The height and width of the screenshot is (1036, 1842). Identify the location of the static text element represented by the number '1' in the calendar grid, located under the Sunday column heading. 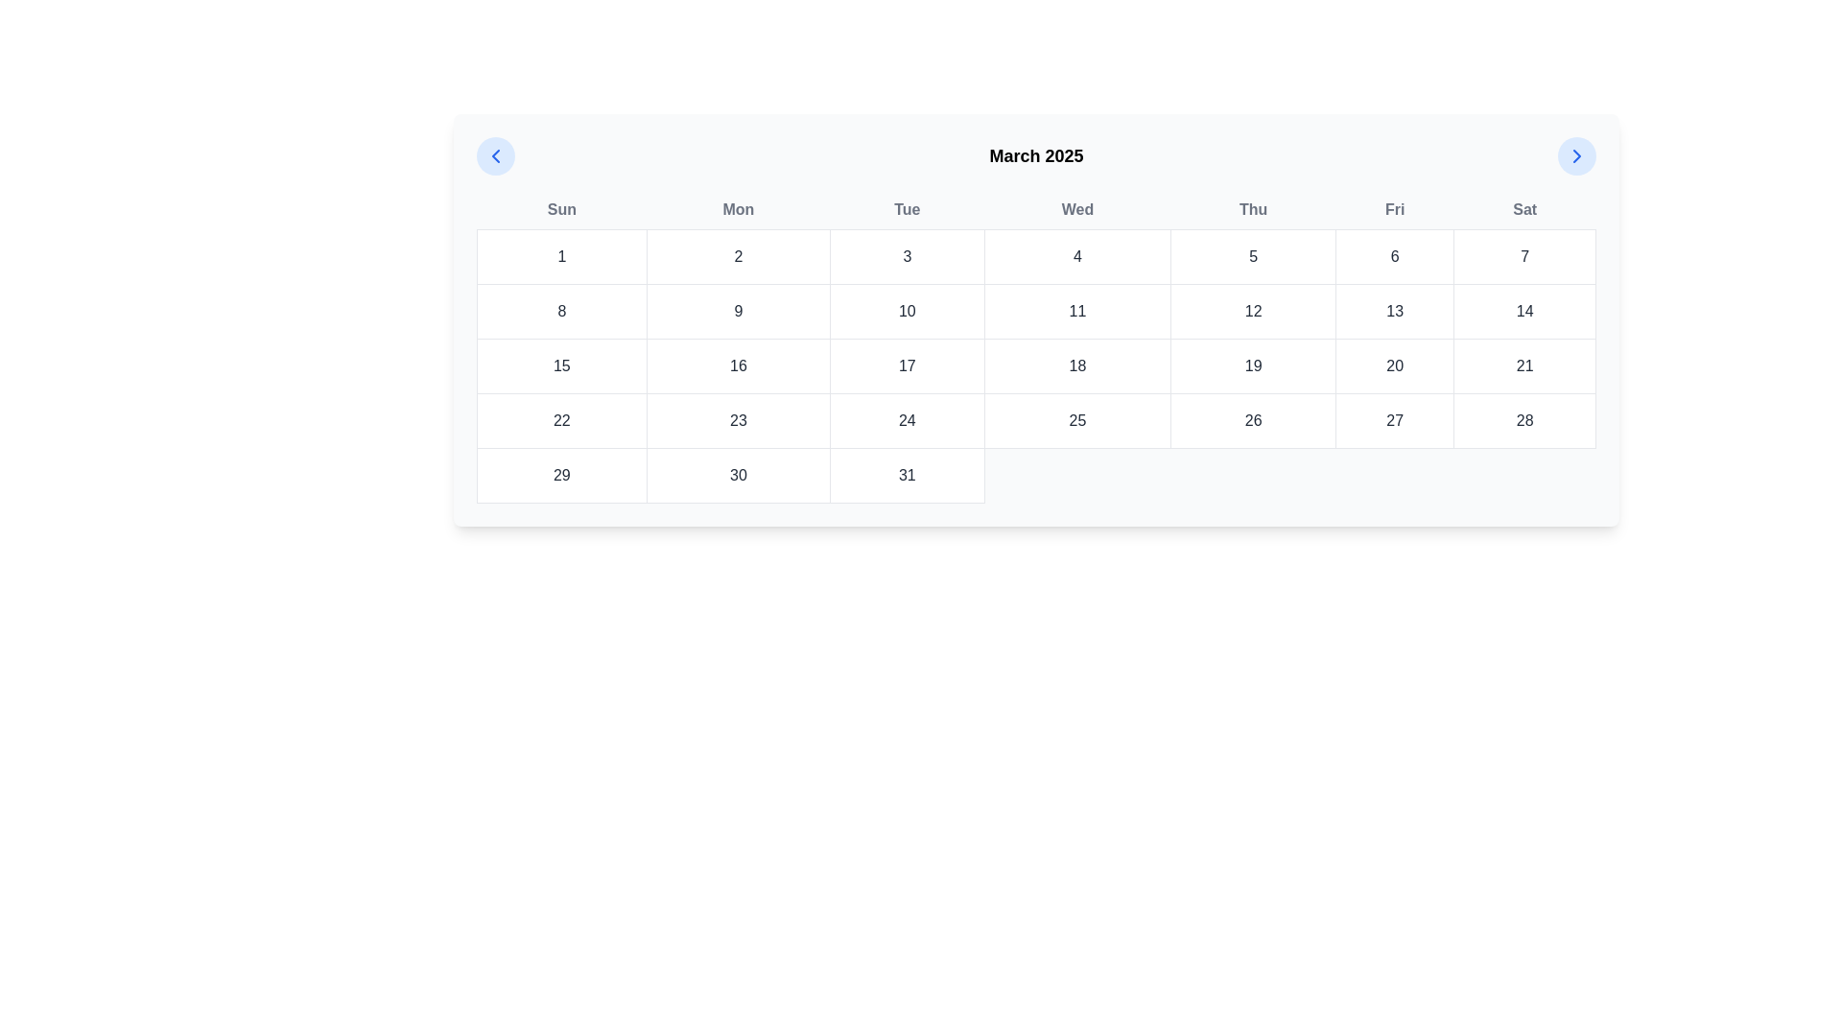
(560, 255).